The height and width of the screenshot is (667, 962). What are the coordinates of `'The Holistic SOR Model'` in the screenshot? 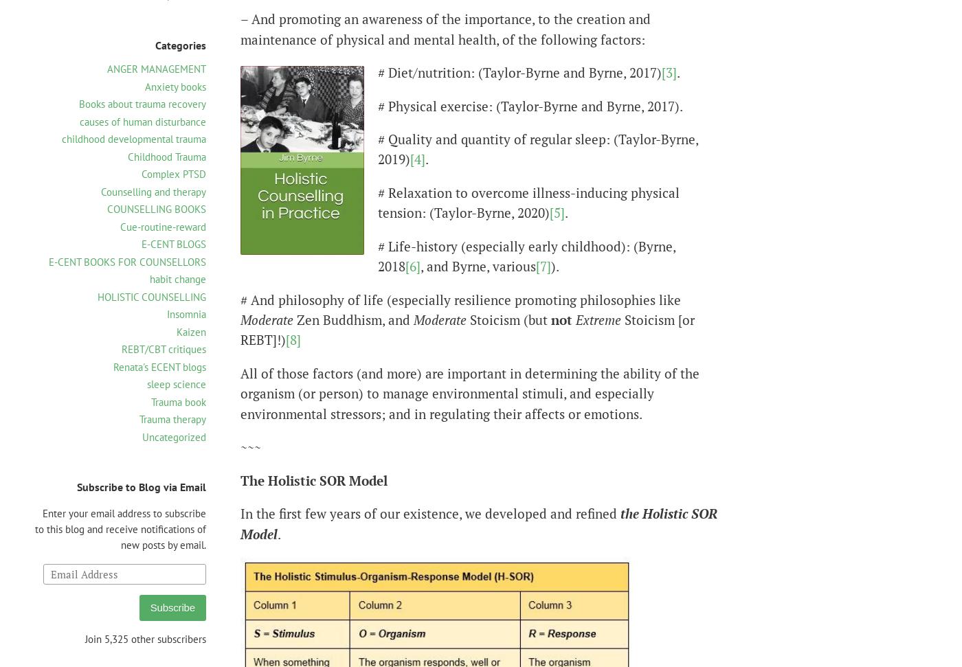 It's located at (313, 479).